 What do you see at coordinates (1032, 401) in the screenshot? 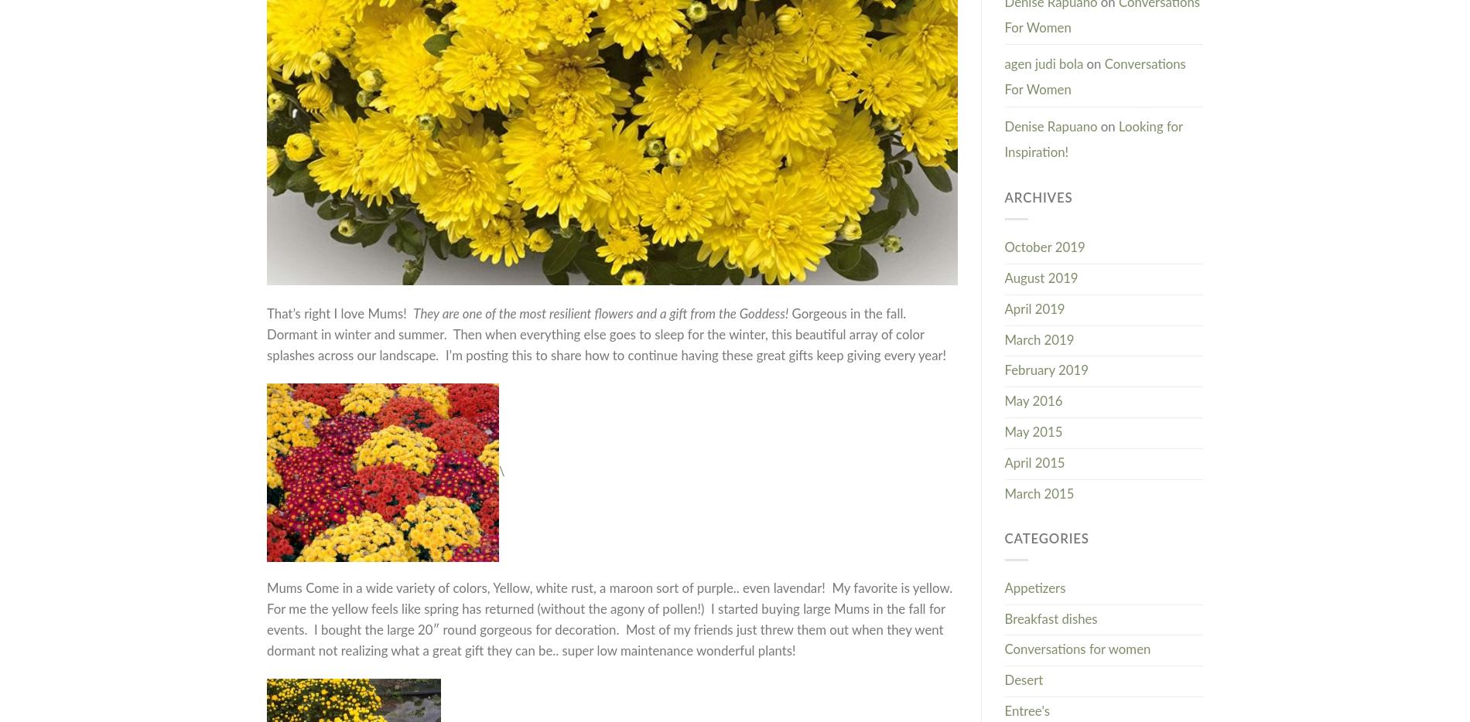
I see `'May 2016'` at bounding box center [1032, 401].